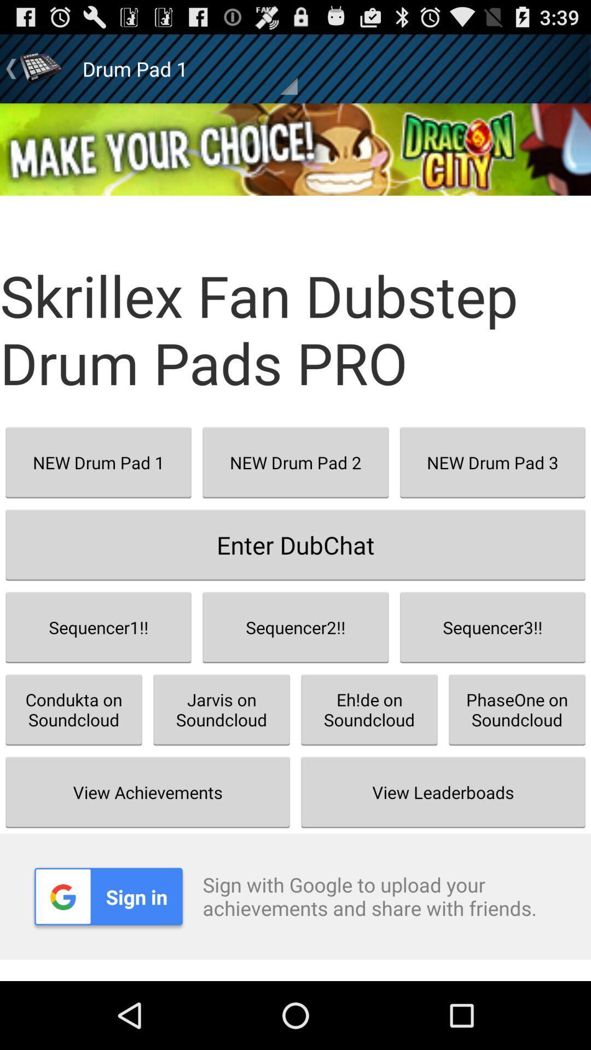 The image size is (591, 1050). Describe the element at coordinates (222, 709) in the screenshot. I see `icon above the view achievements button` at that location.